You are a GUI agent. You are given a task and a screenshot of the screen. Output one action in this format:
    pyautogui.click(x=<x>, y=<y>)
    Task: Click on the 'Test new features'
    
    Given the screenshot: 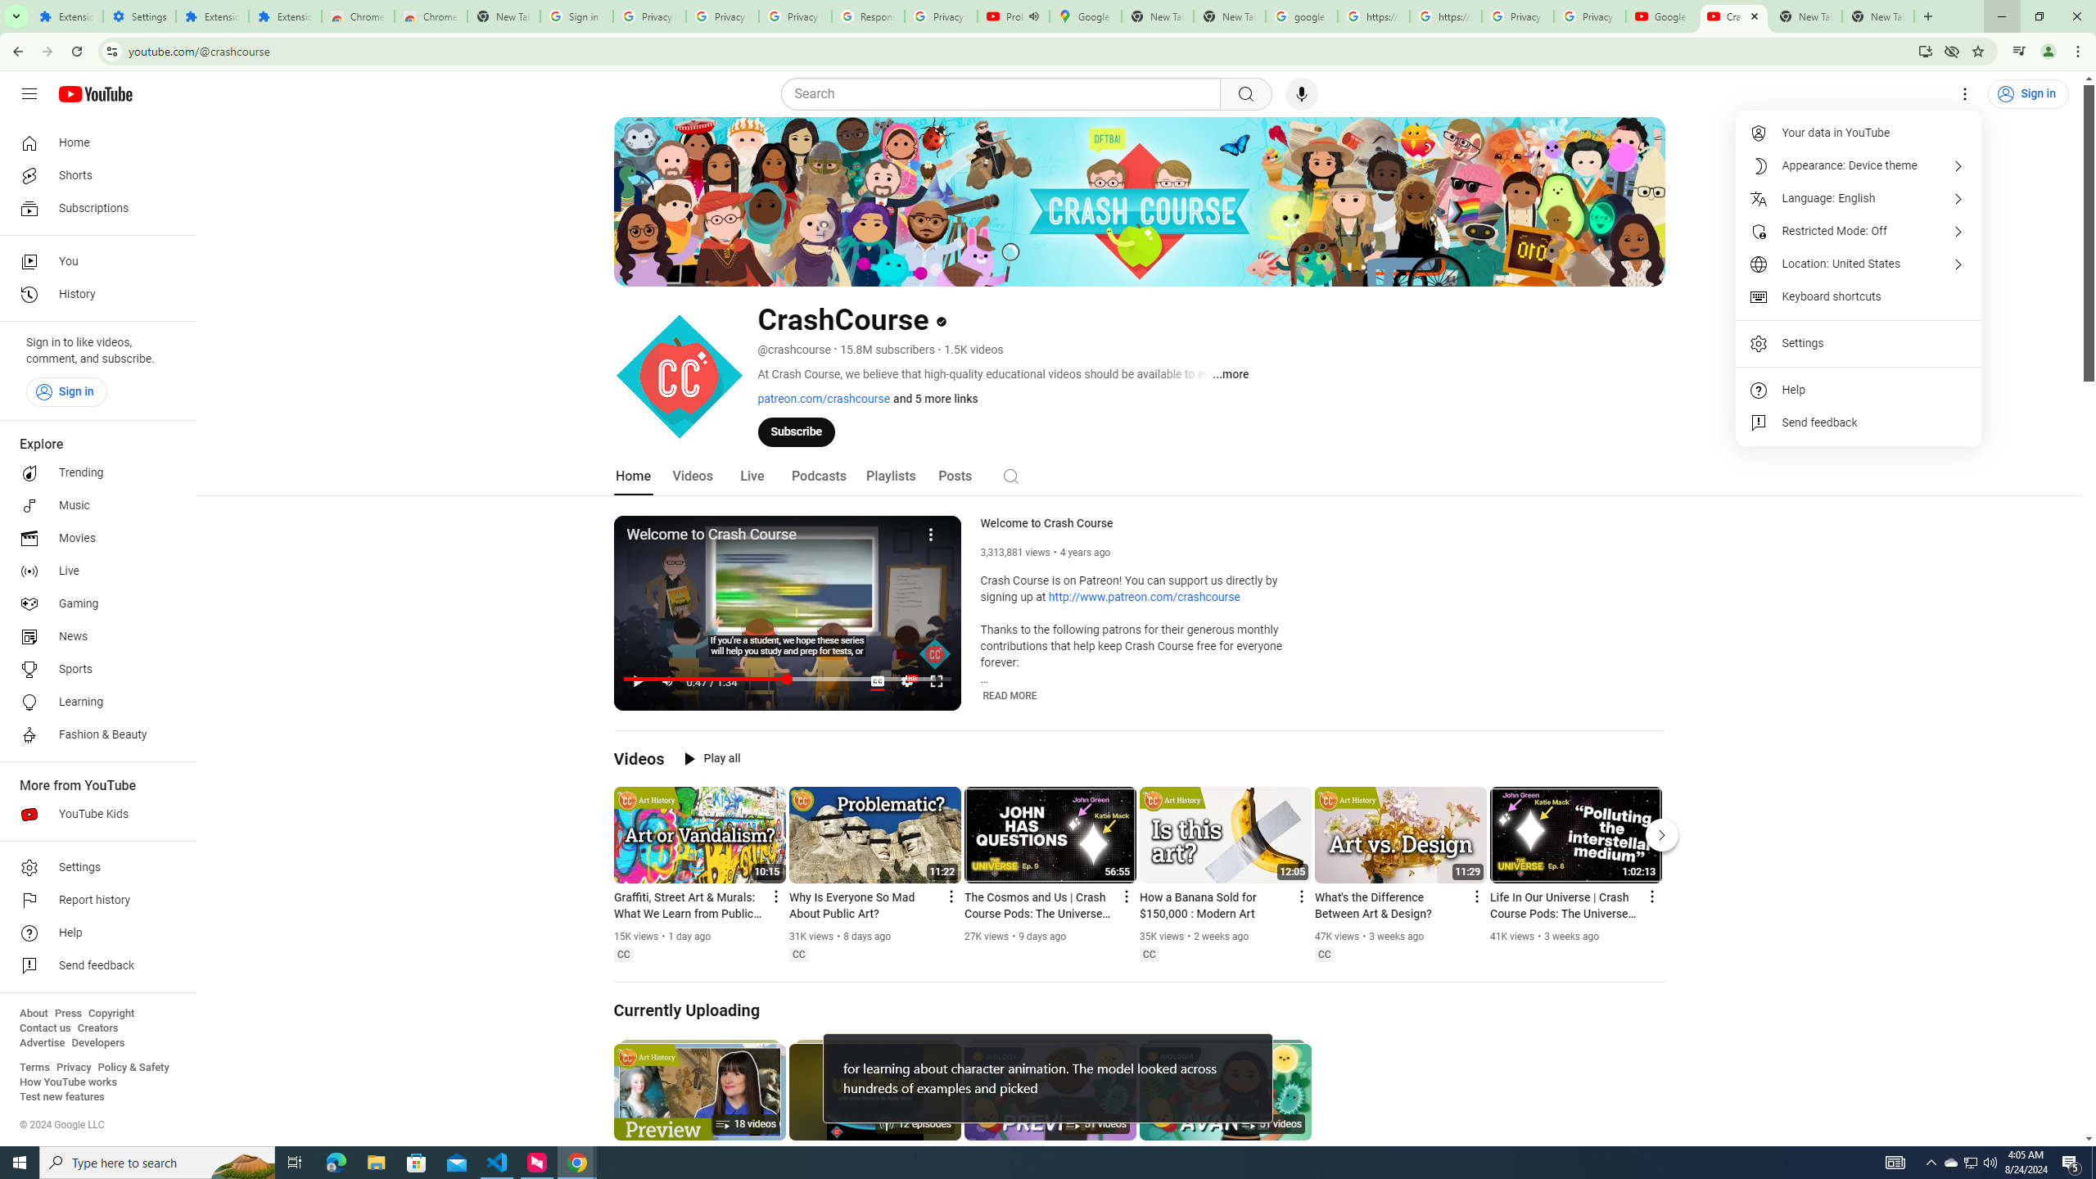 What is the action you would take?
    pyautogui.click(x=61, y=1095)
    